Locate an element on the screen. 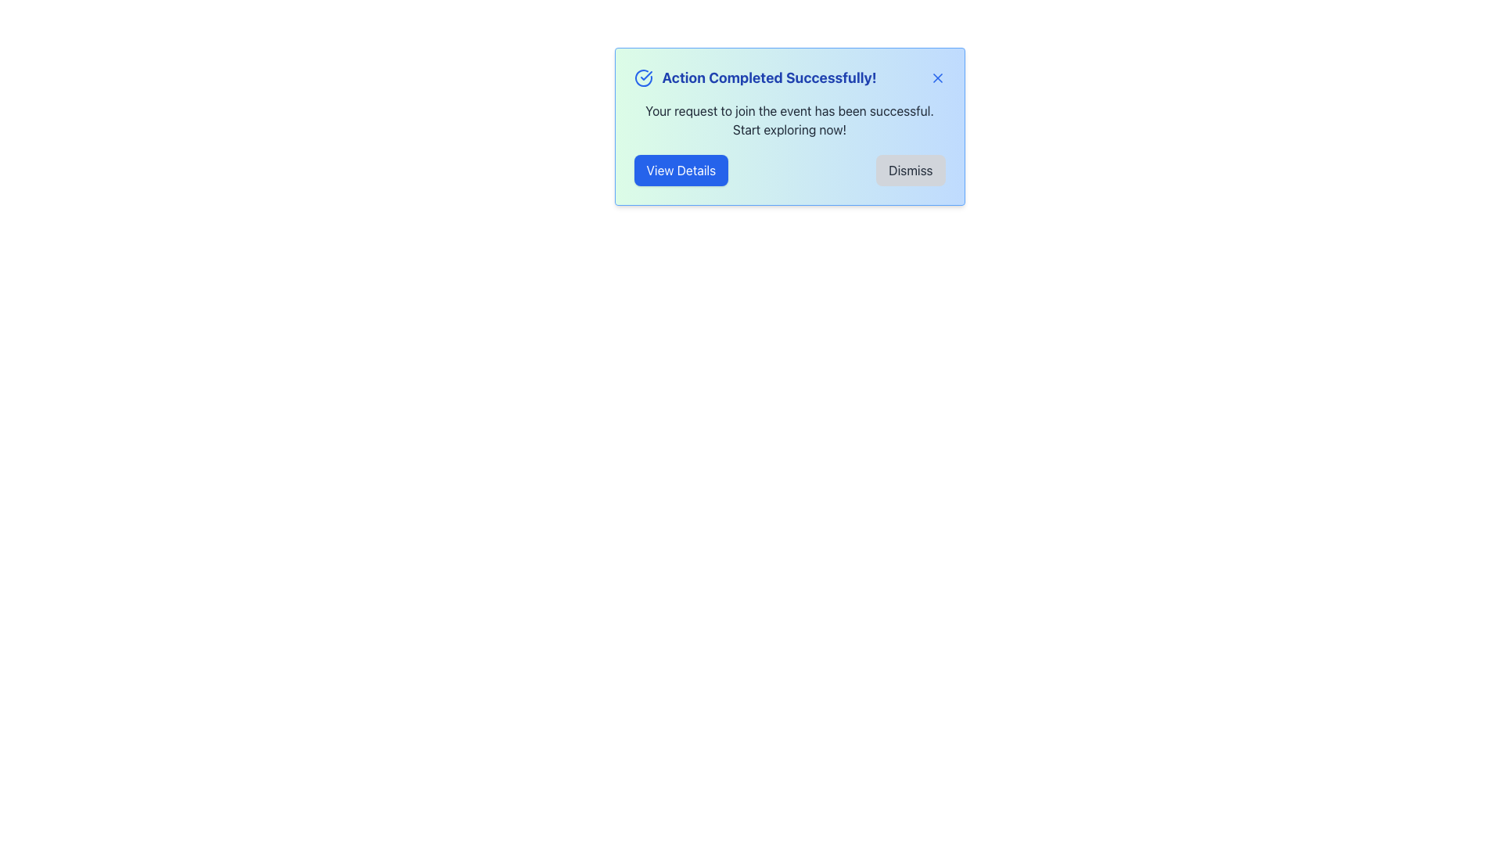  the circular checkmark icon with a blue outline, positioned to the left of the success message 'Action Completed Successfully!' is located at coordinates (643, 78).